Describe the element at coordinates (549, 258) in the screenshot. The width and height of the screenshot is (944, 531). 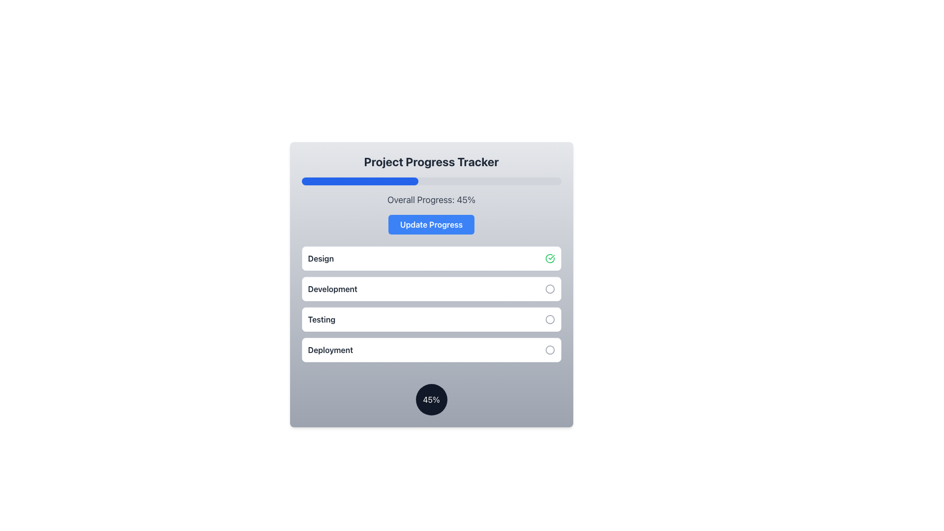
I see `the green checkmark icon that indicates completion or selection of the 'Design' task, located on the right within the row labeled 'Design'` at that location.